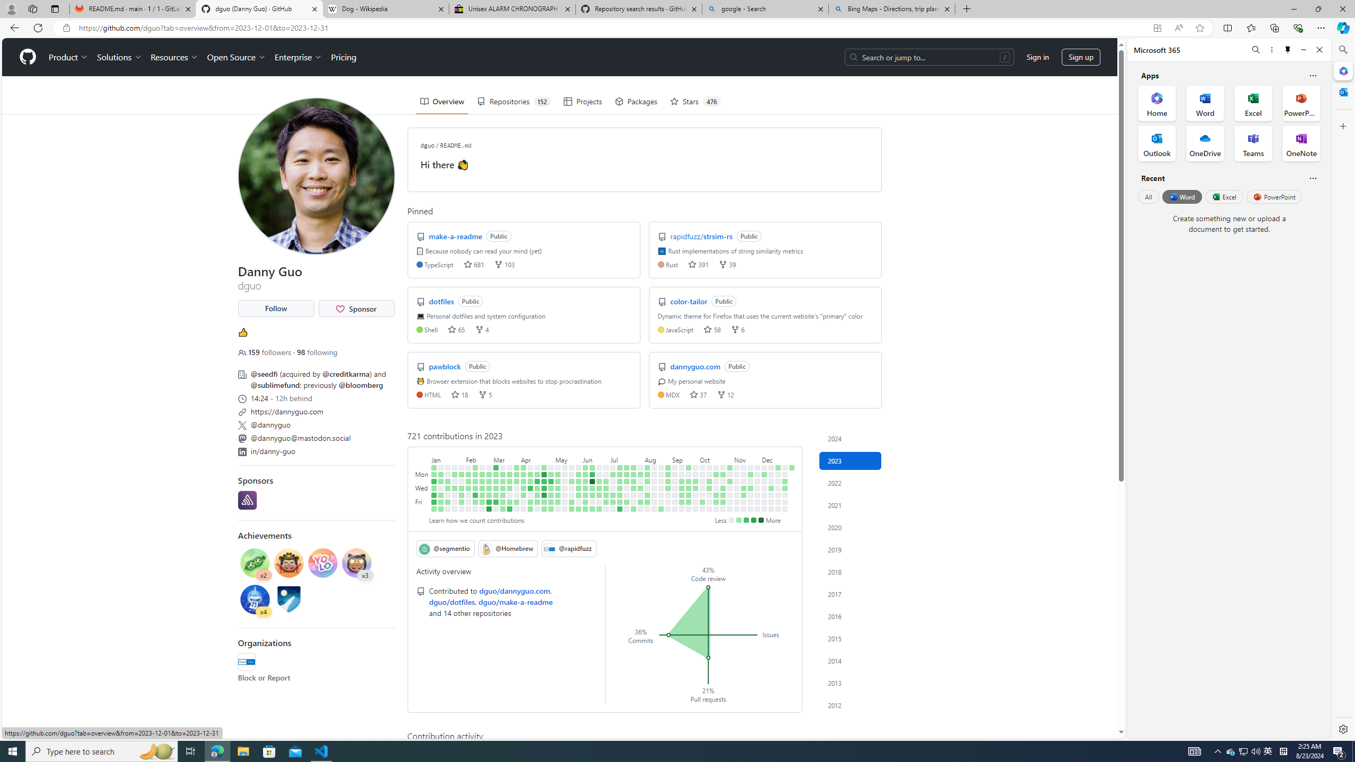 This screenshot has height=762, width=1355. What do you see at coordinates (565, 494) in the screenshot?
I see `'No contributions on May 18th.'` at bounding box center [565, 494].